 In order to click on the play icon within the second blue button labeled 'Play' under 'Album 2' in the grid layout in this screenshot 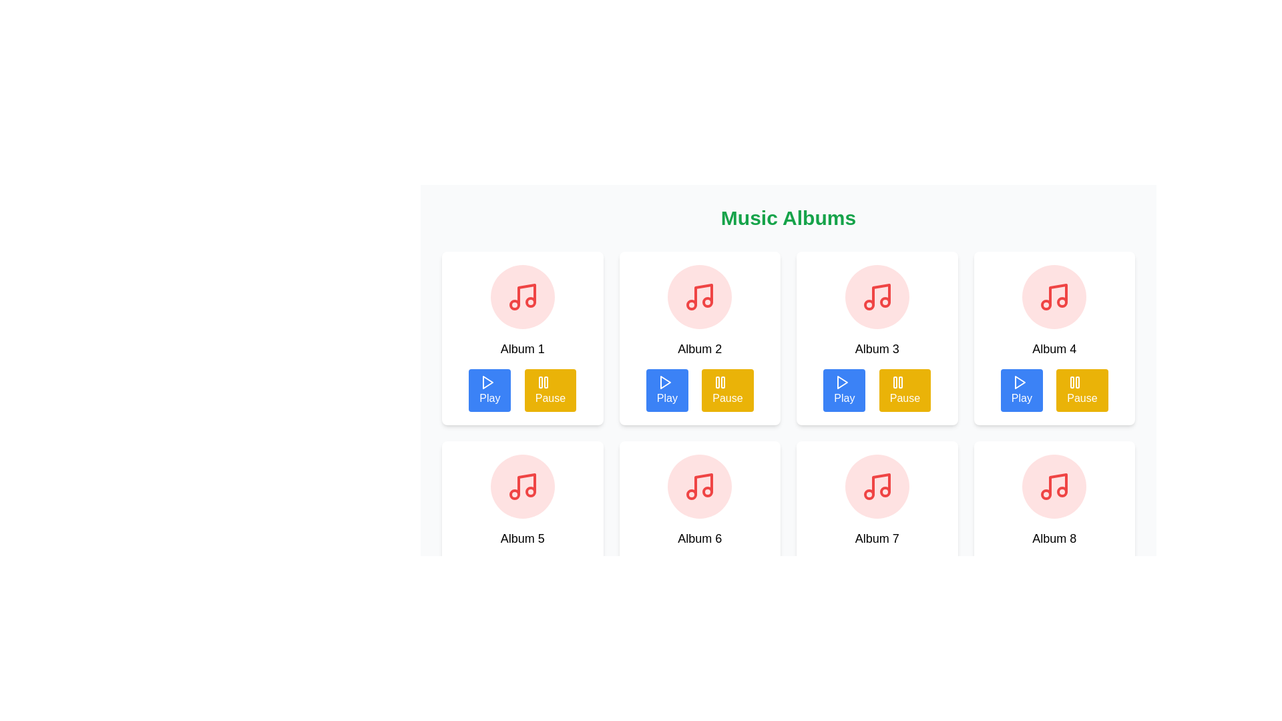, I will do `click(664, 383)`.